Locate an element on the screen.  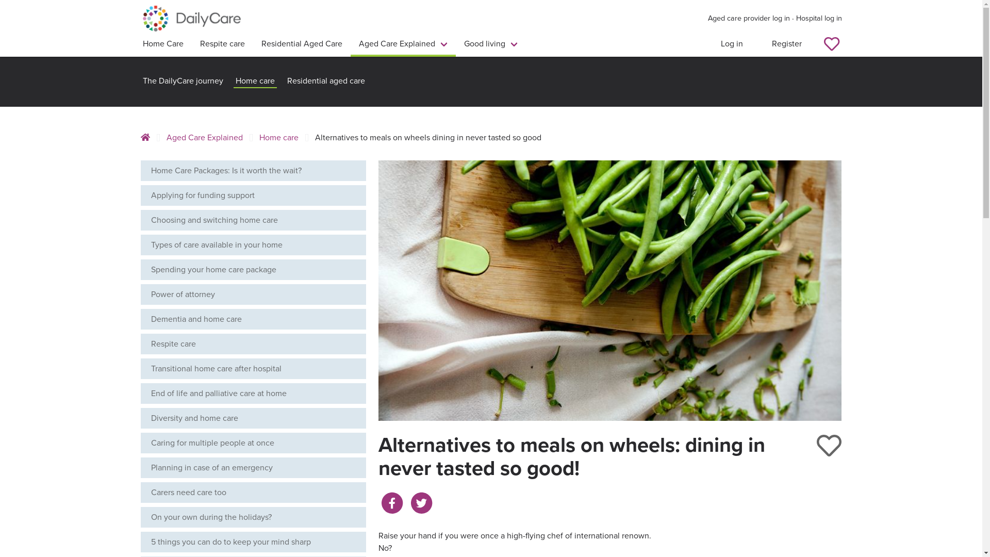
'Respite care' is located at coordinates (222, 44).